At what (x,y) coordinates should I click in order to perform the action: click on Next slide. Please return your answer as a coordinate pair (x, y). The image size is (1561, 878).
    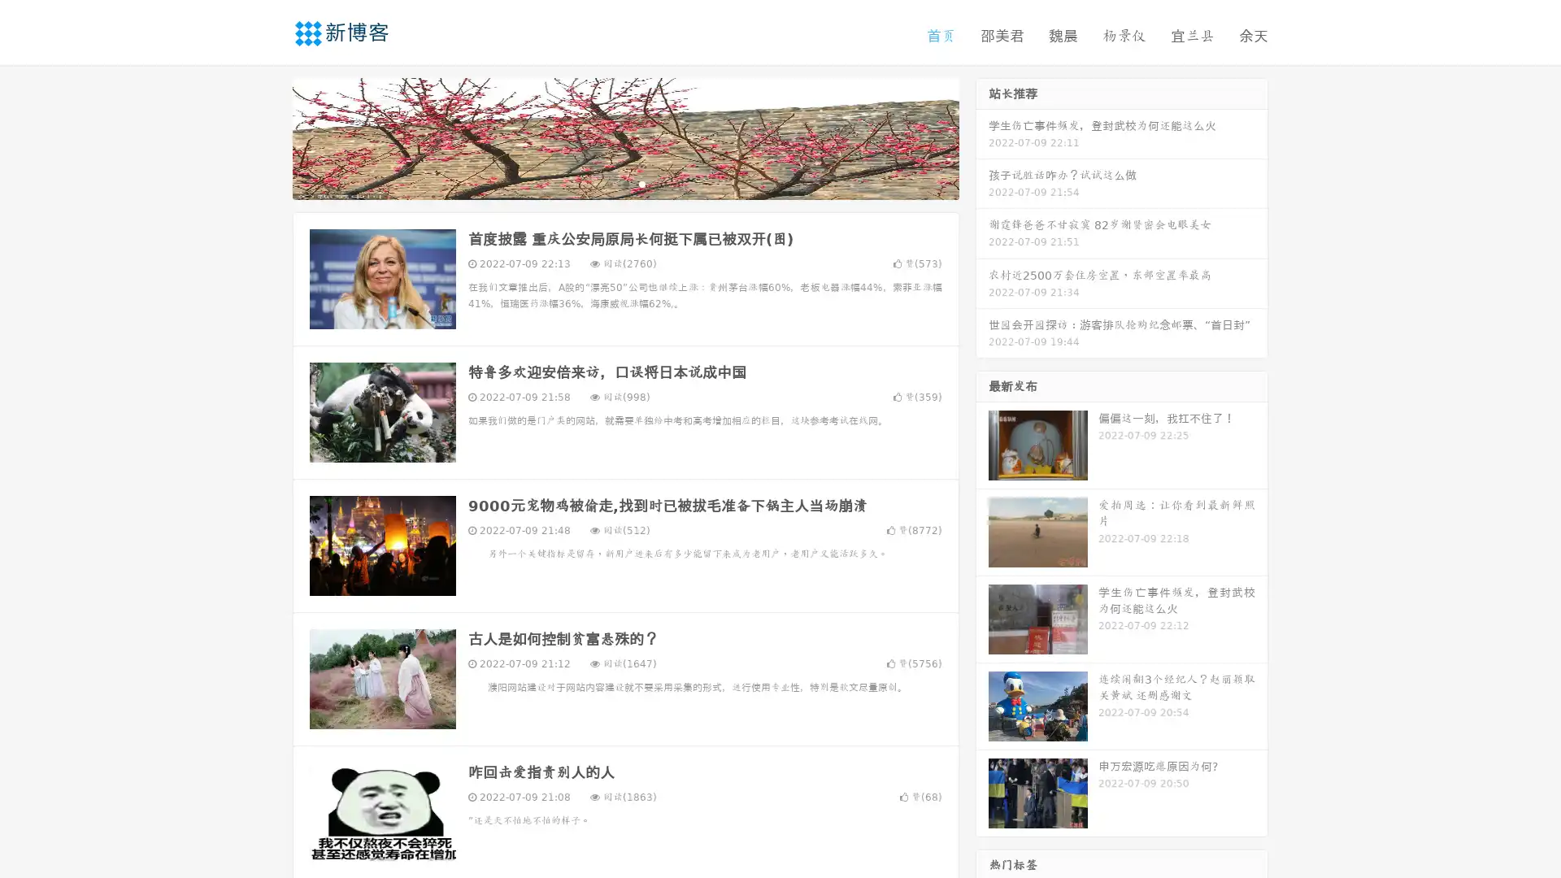
    Looking at the image, I should click on (982, 137).